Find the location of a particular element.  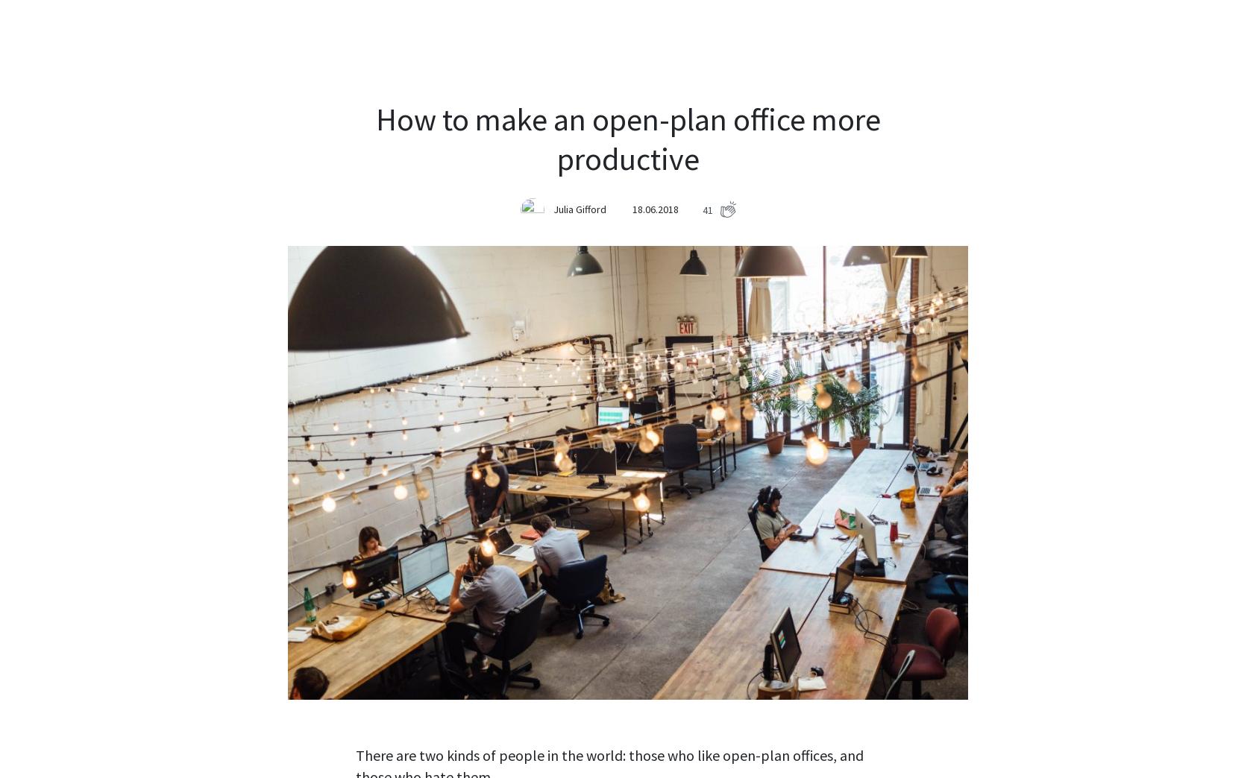

'Do you have your own tactic how to deal with distractions? Let us know in the comments below!' is located at coordinates (627, 551).